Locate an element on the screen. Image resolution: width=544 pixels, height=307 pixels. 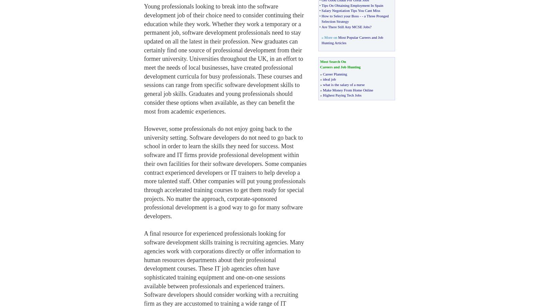
'- -' is located at coordinates (361, 15).